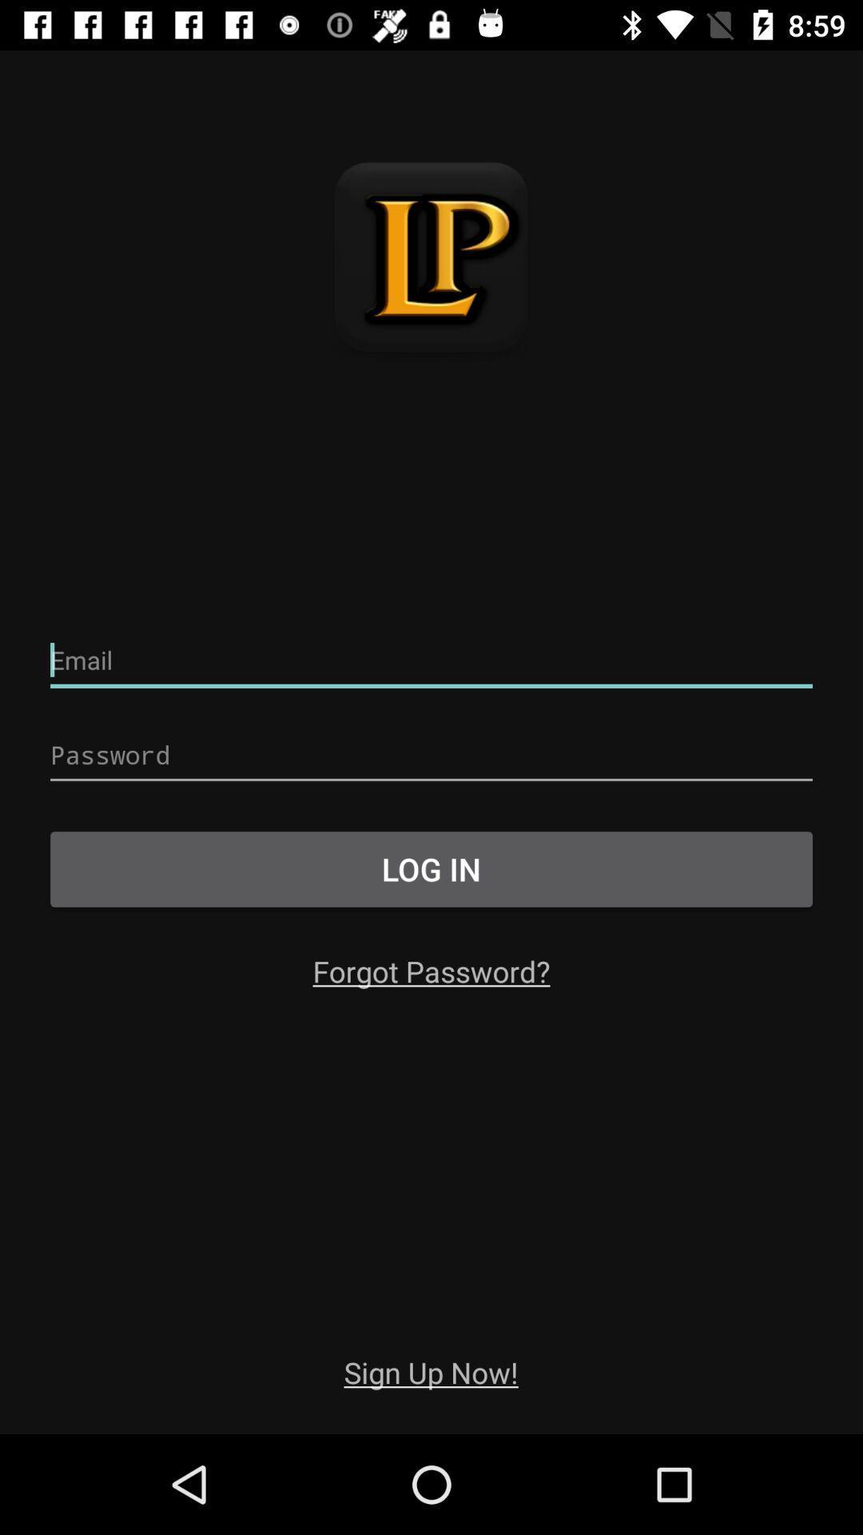 The height and width of the screenshot is (1535, 863). Describe the element at coordinates (431, 660) in the screenshot. I see `your email id` at that location.